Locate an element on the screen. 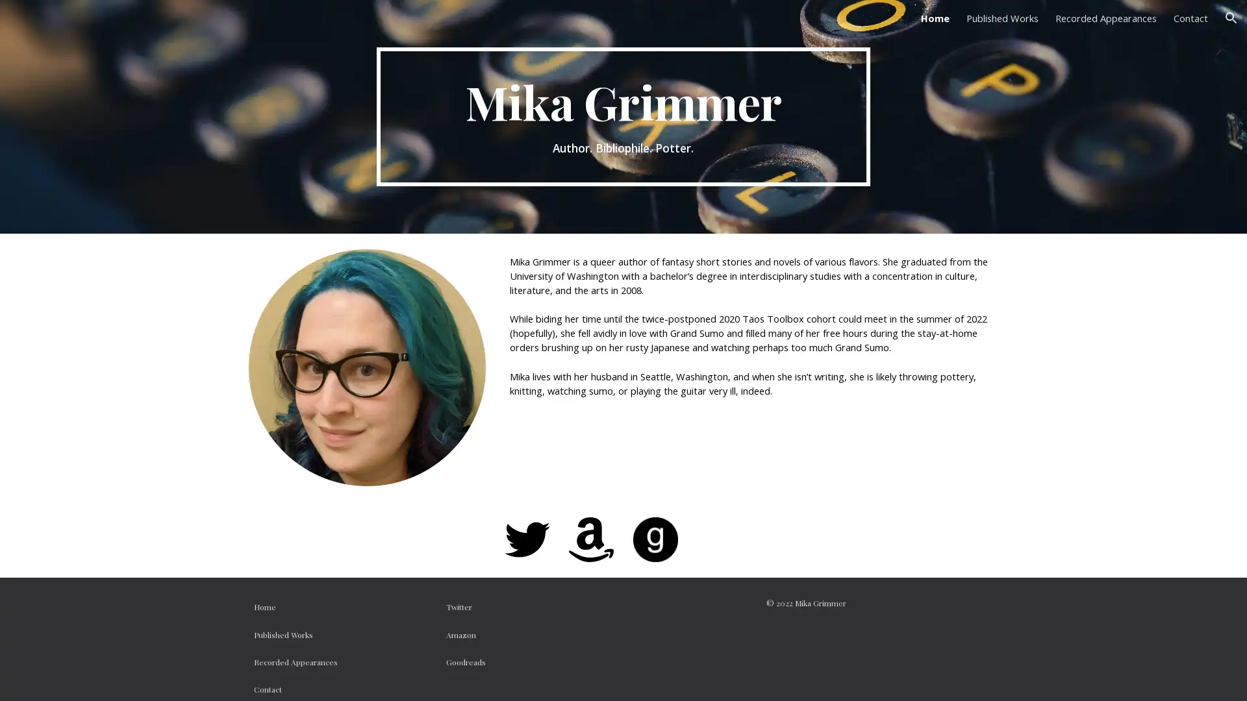 Image resolution: width=1247 pixels, height=701 pixels. Skip to main content is located at coordinates (511, 24).